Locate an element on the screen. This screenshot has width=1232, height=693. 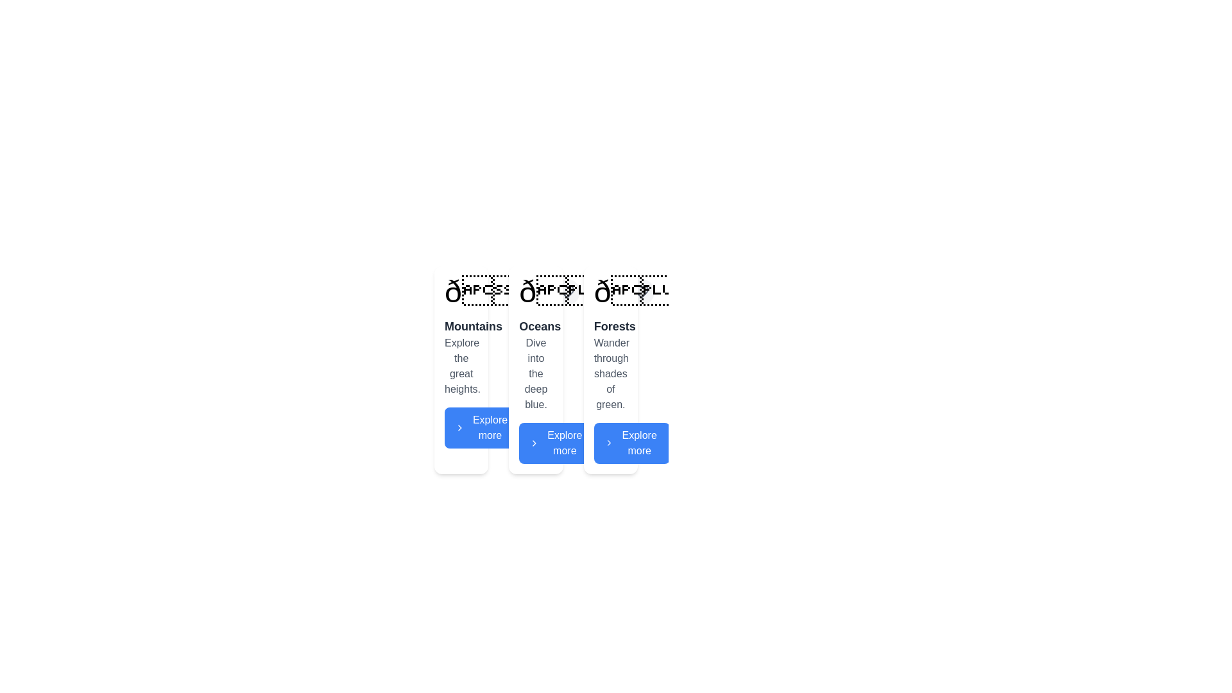
the text heading displaying 'Forests', which is styled with a bold font, larger size, and dark gray color, located in the third card of a horizontally aligned list is located at coordinates (610, 326).